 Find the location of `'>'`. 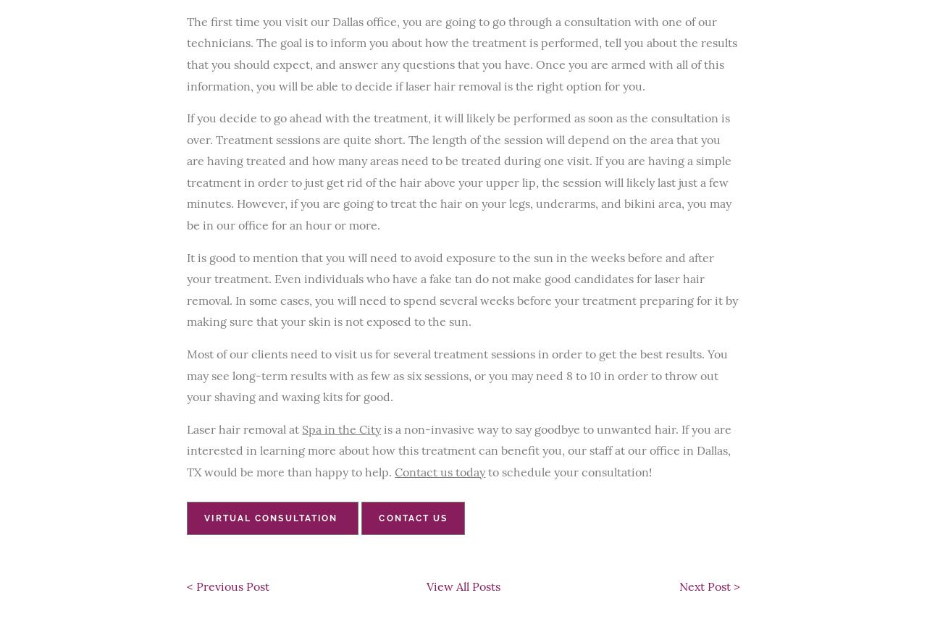

'>' is located at coordinates (730, 585).